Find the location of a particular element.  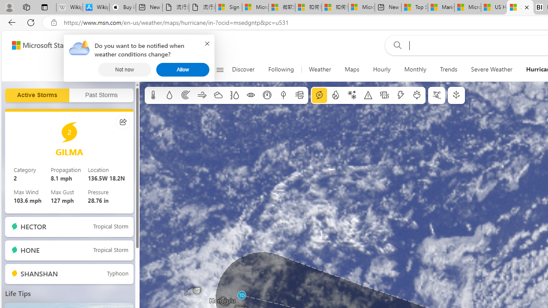

'Clouds' is located at coordinates (218, 95).